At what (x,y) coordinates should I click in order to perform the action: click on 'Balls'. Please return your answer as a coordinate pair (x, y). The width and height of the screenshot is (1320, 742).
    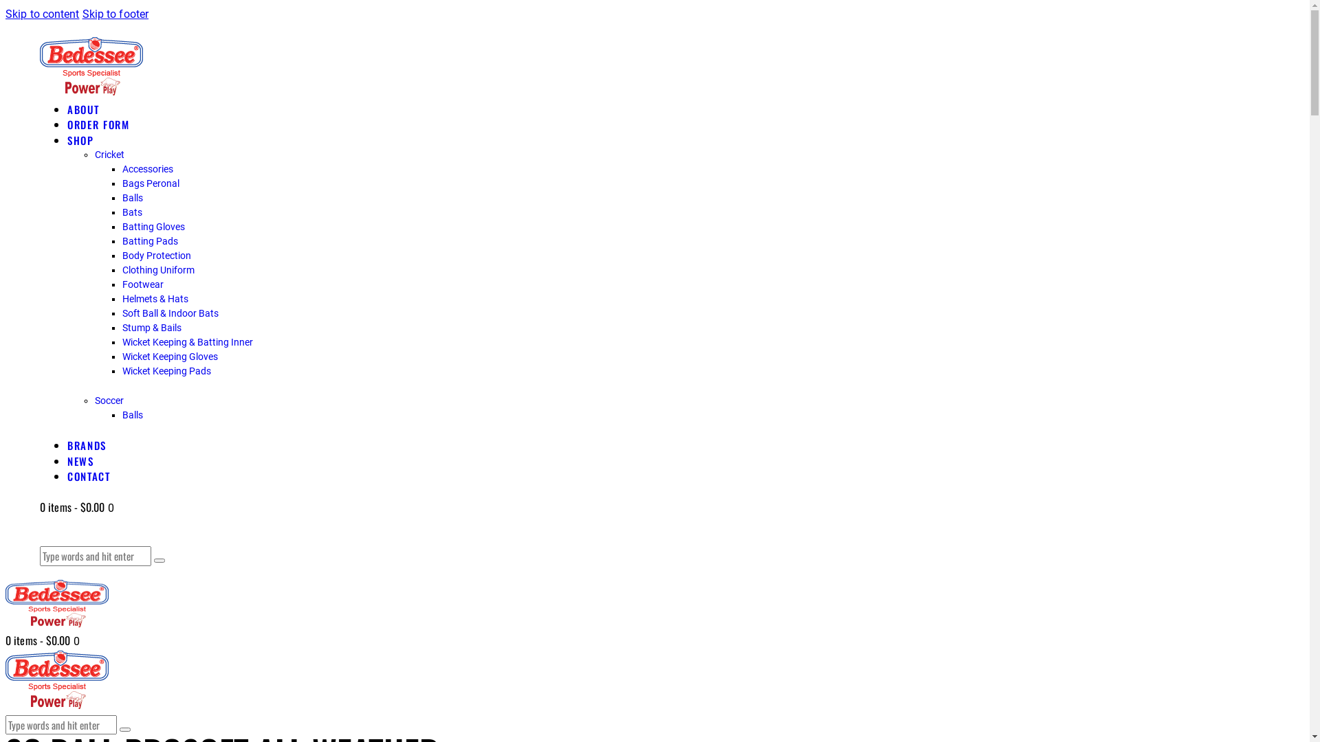
    Looking at the image, I should click on (132, 198).